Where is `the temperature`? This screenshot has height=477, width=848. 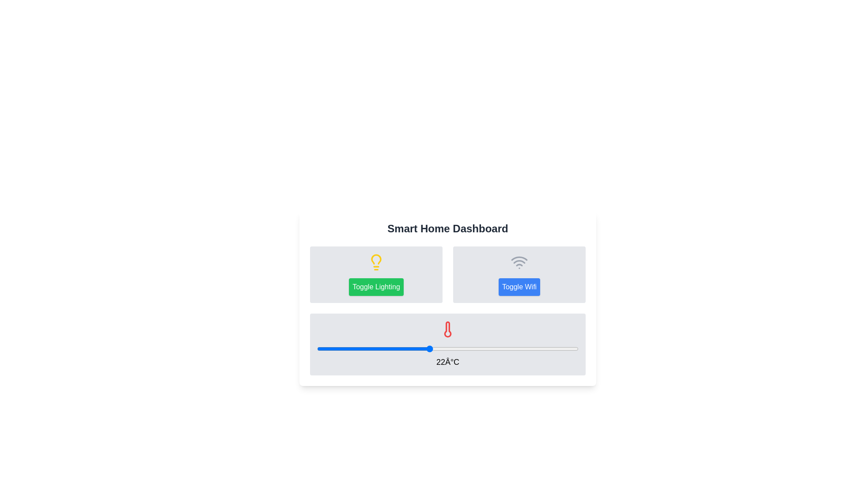 the temperature is located at coordinates (429, 348).